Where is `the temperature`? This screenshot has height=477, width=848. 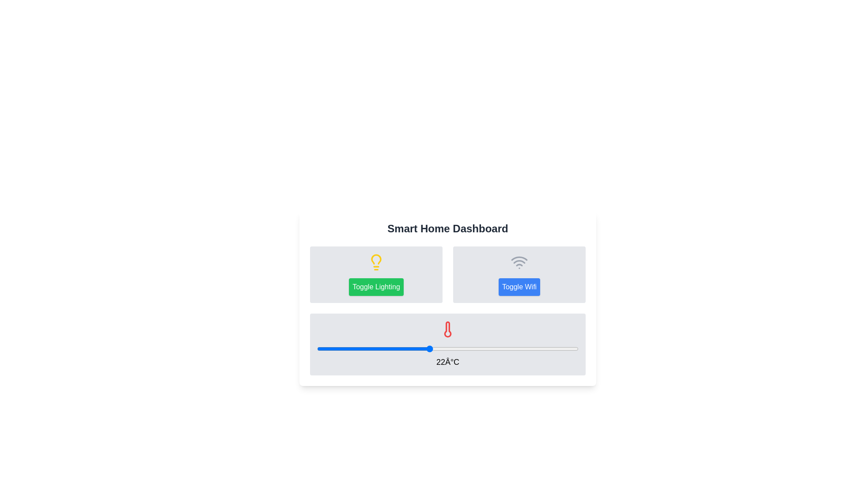 the temperature is located at coordinates (429, 348).